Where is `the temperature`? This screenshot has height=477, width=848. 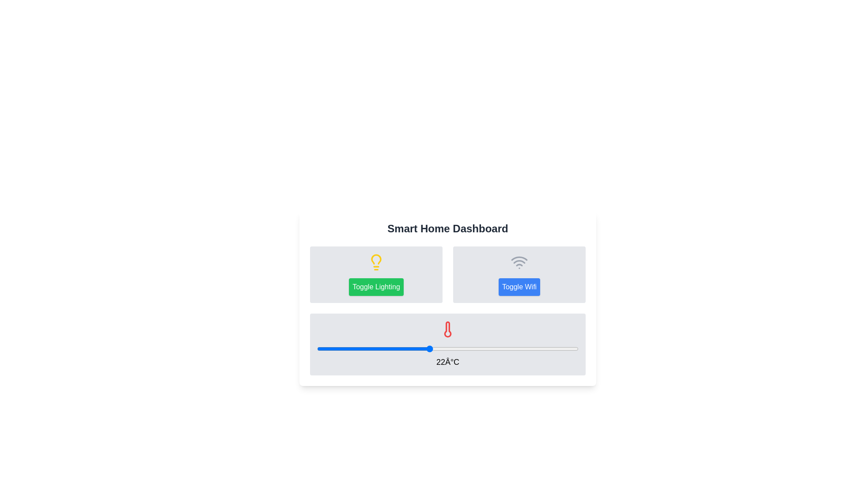 the temperature is located at coordinates (429, 348).